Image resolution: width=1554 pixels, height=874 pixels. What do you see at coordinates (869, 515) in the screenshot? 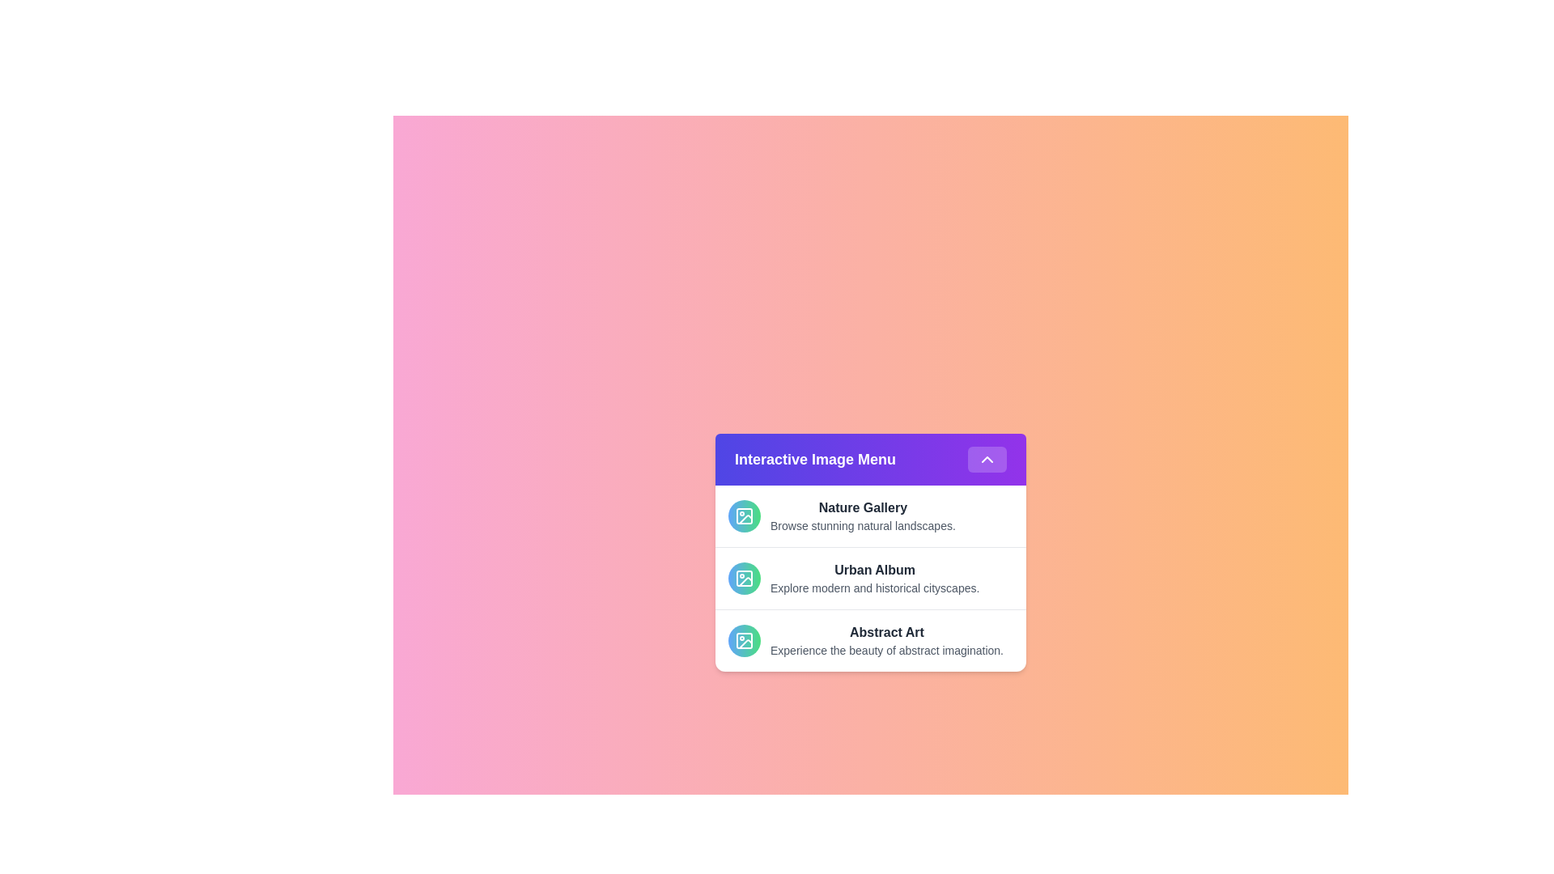
I see `the menu item Nature Gallery by clicking on it` at bounding box center [869, 515].